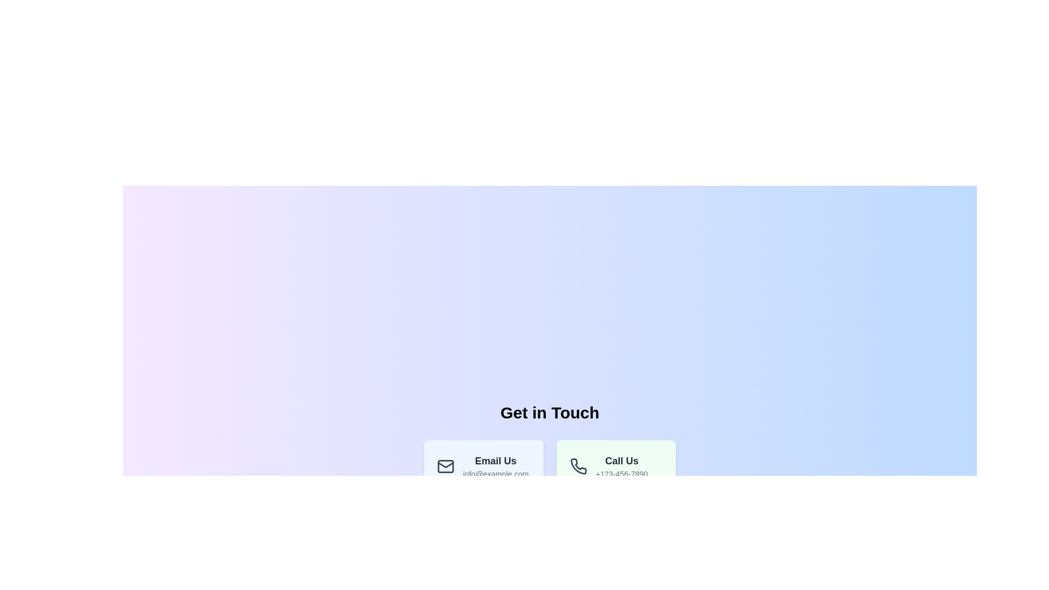 The height and width of the screenshot is (590, 1049). Describe the element at coordinates (577, 532) in the screenshot. I see `the decorative circle that forms the base of the clock graphic` at that location.